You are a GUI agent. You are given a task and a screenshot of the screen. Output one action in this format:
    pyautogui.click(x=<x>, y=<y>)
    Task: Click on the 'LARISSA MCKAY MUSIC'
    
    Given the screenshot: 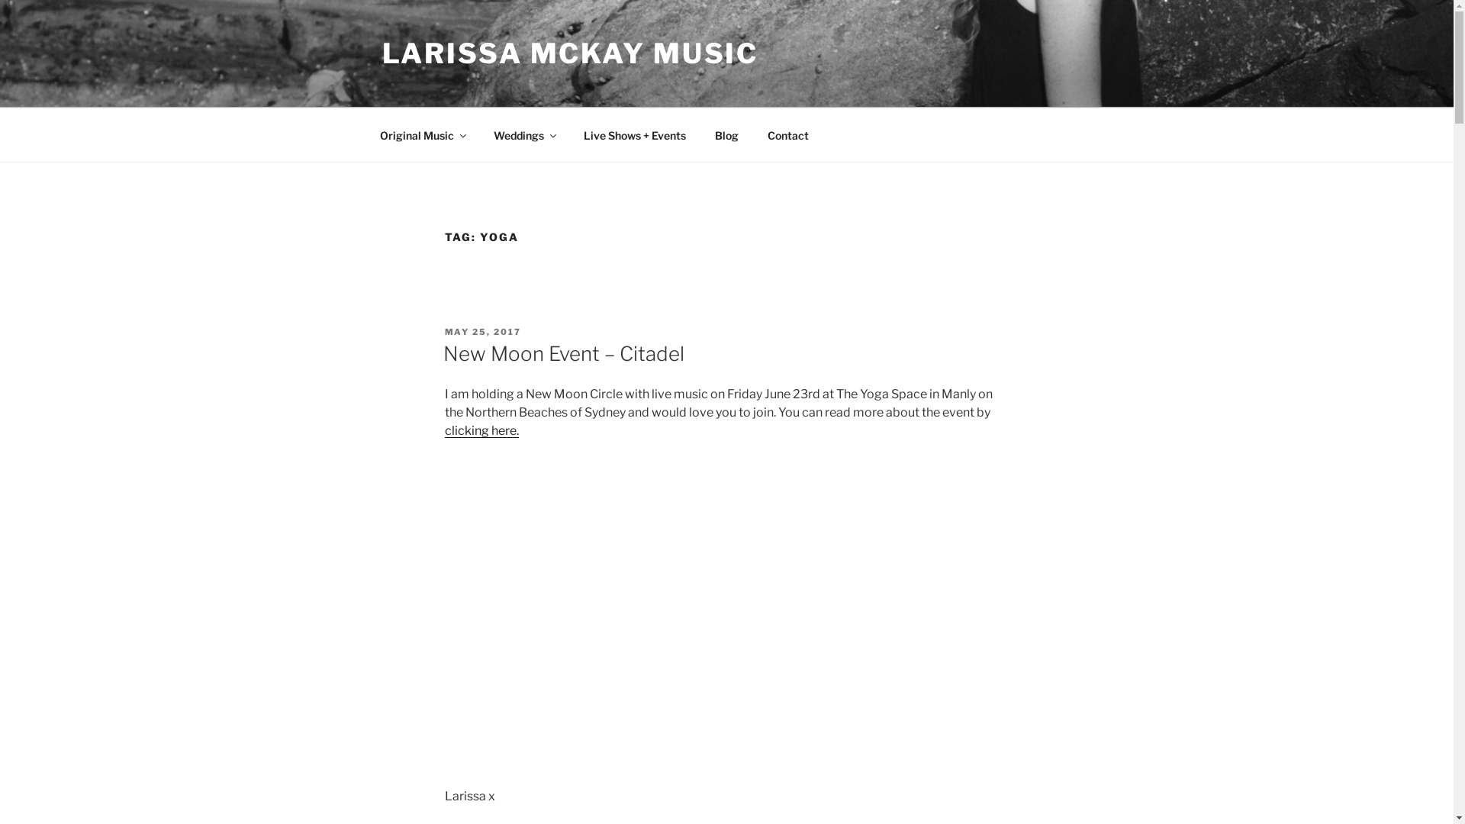 What is the action you would take?
    pyautogui.click(x=569, y=52)
    